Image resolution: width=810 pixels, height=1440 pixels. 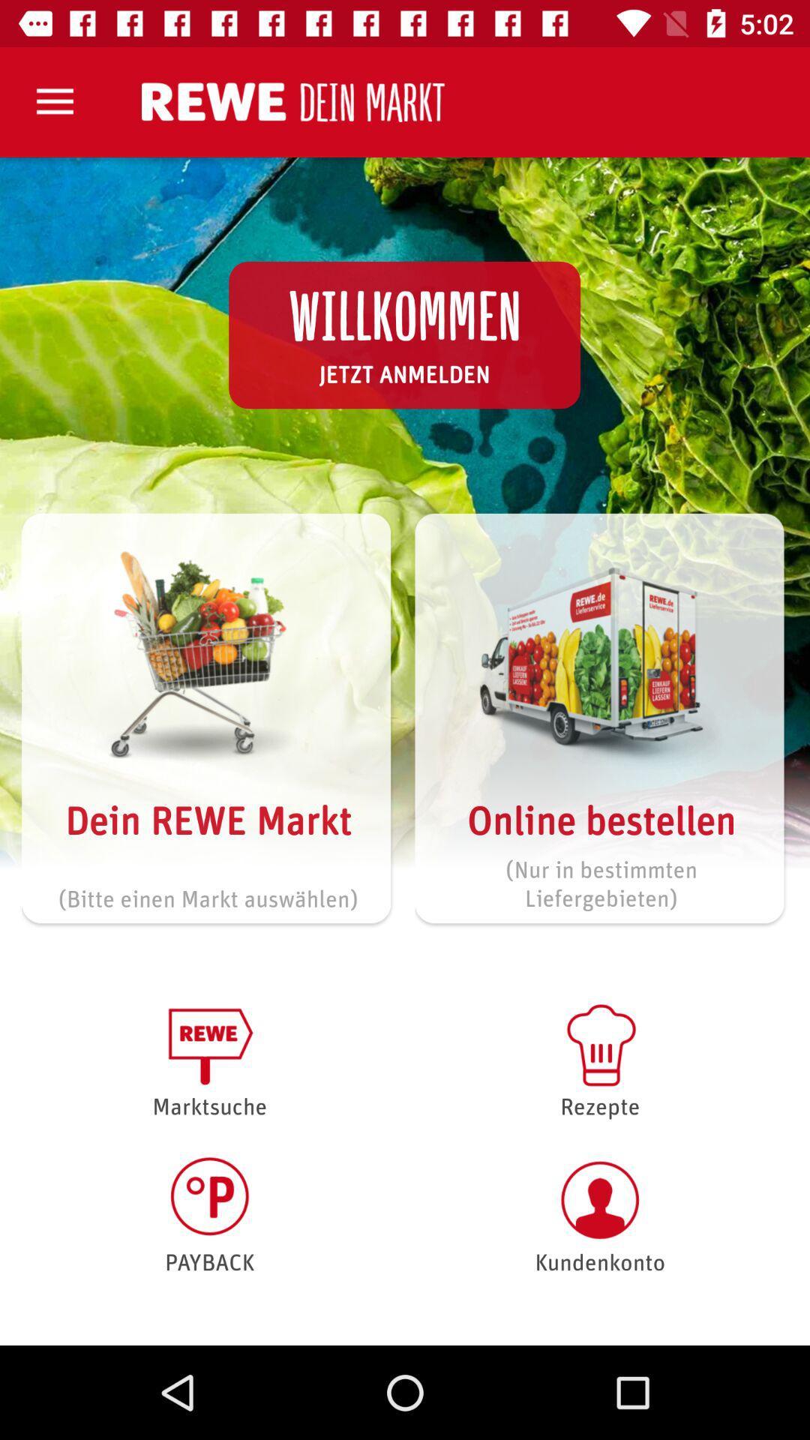 What do you see at coordinates (209, 1215) in the screenshot?
I see `payback item` at bounding box center [209, 1215].